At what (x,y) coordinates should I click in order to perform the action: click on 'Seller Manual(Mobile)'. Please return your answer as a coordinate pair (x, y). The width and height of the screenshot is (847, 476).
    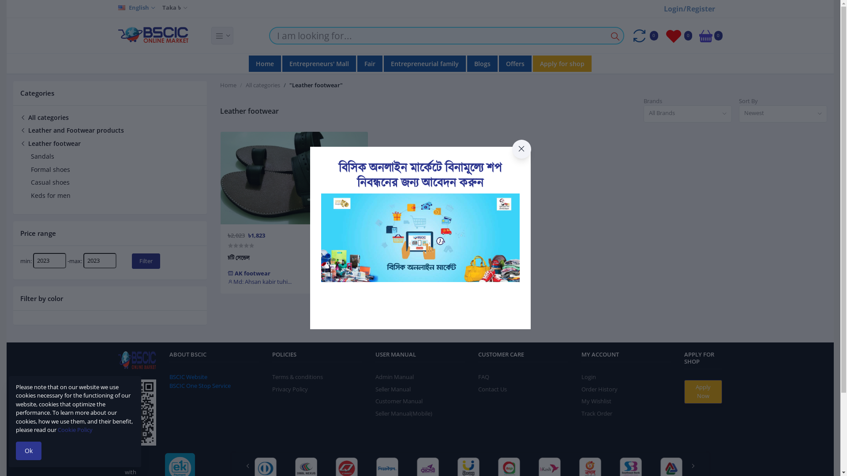
    Looking at the image, I should click on (375, 413).